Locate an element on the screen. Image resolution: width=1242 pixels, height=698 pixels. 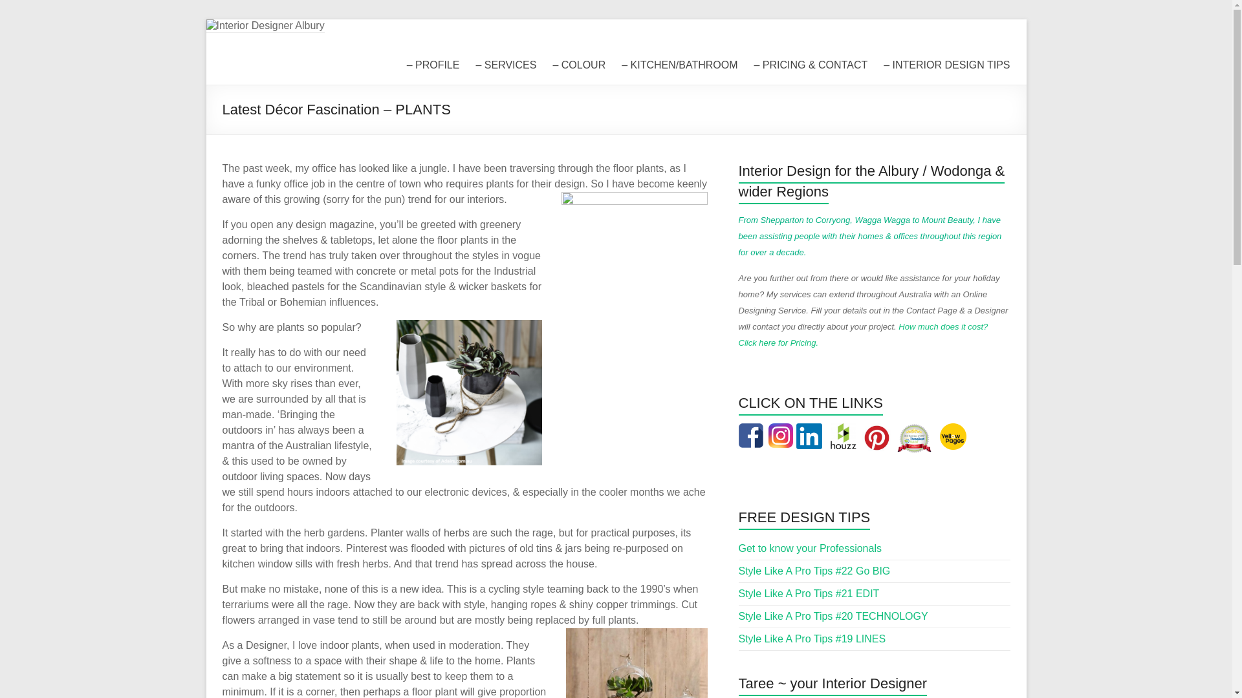
'How much does it cost?  Click here for Pricing.' is located at coordinates (864, 333).